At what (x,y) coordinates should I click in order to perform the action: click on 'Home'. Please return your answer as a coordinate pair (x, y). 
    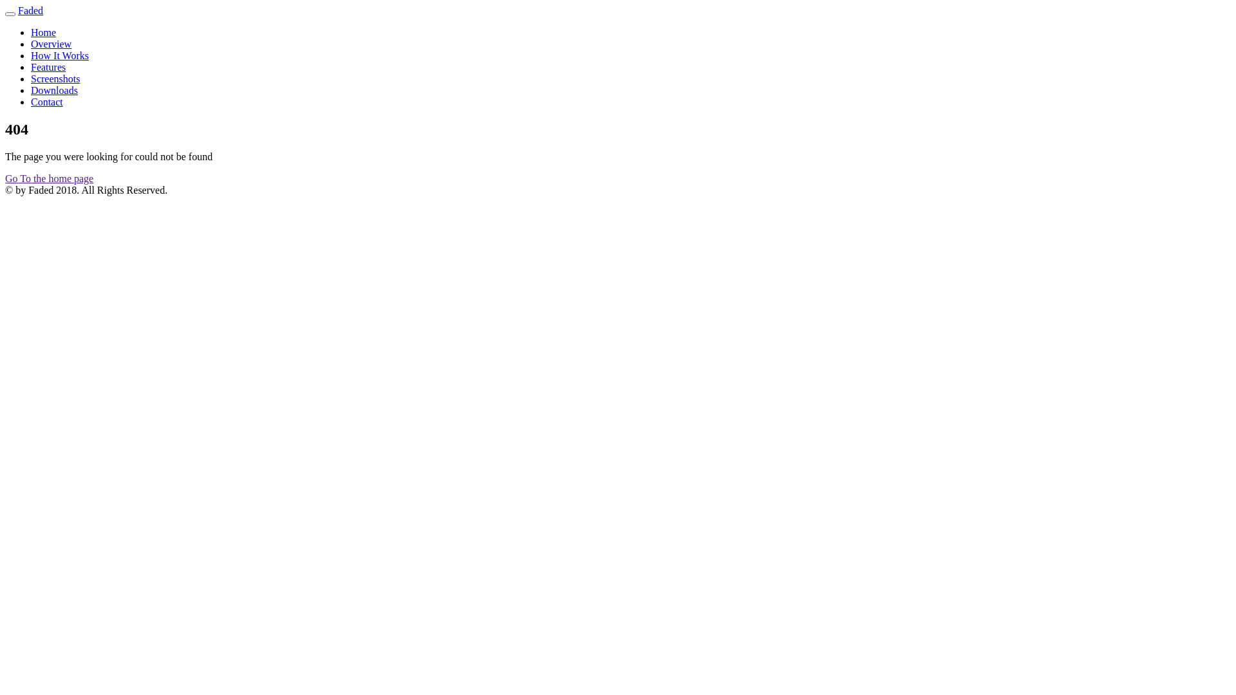
    Looking at the image, I should click on (43, 32).